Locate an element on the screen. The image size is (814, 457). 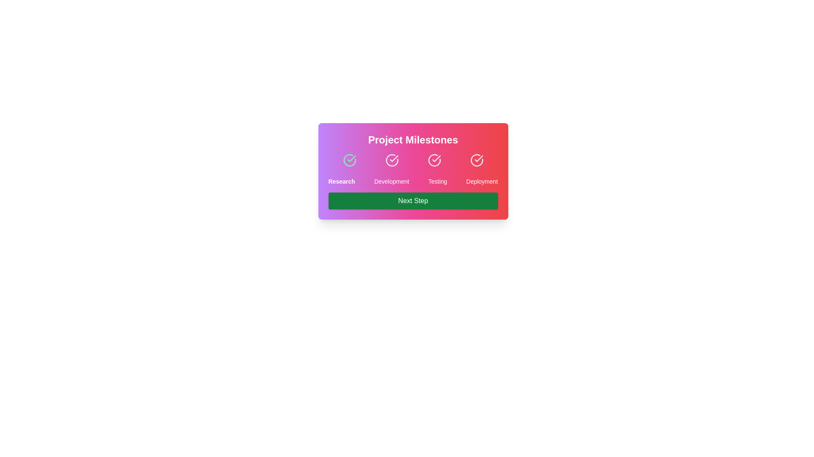
the text label reading 'Development' which is the second item in a horizontal sequence of four, positioned between 'Research' and 'Testing' within the 'Project Milestones' card is located at coordinates (391, 181).